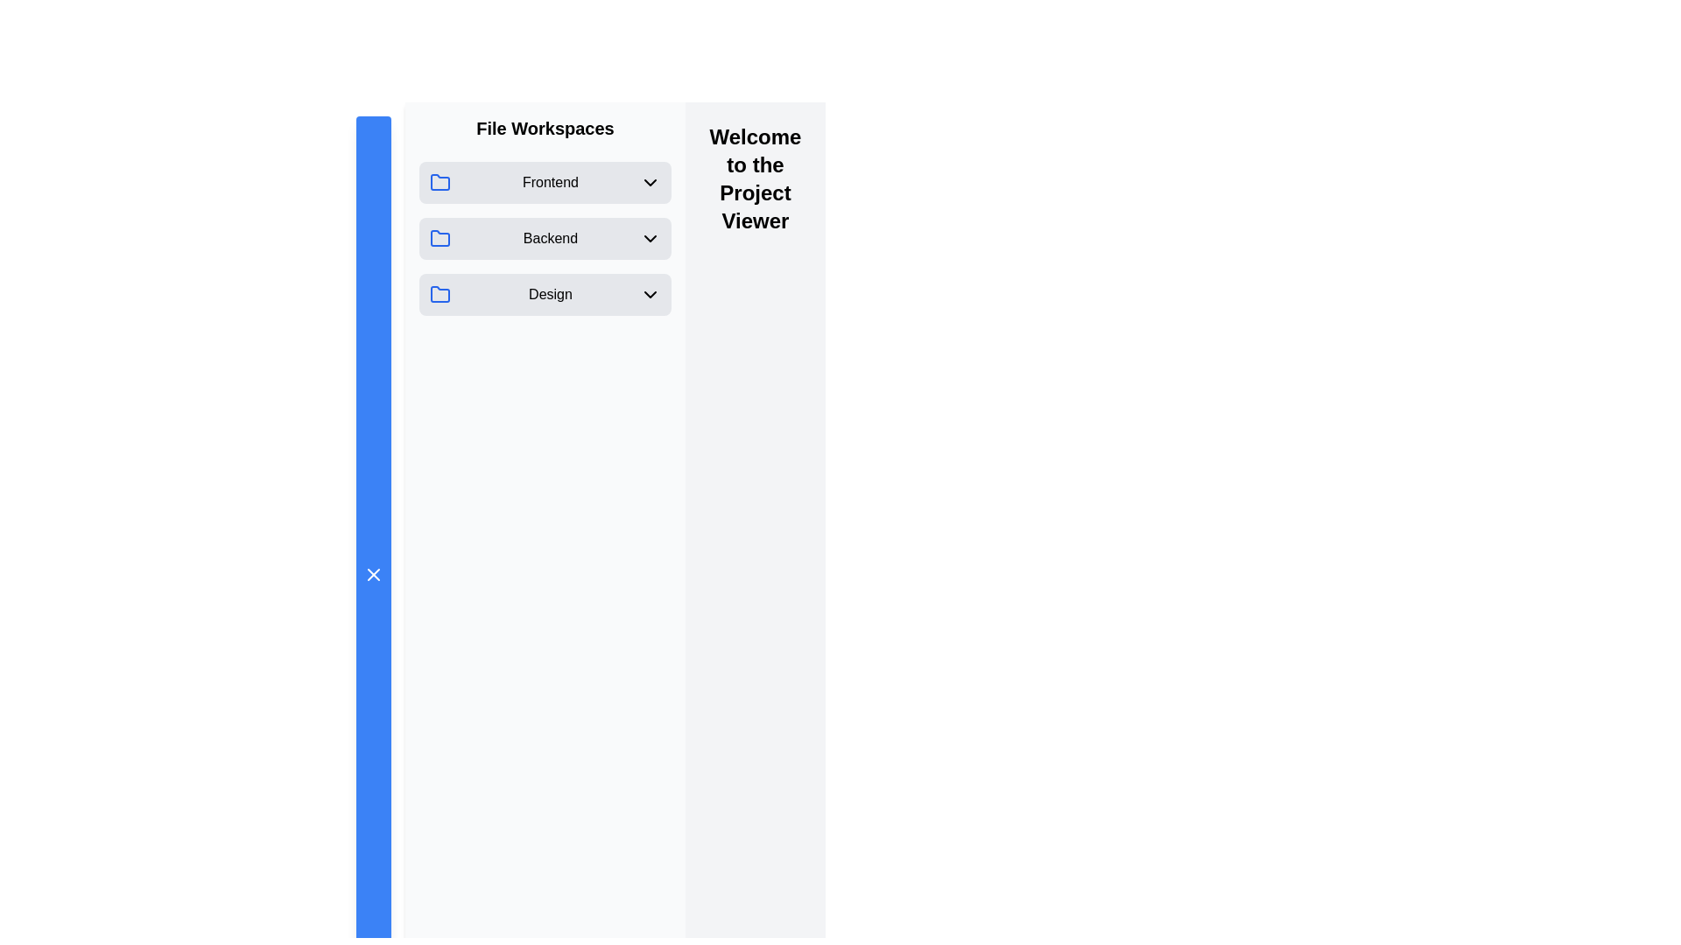 This screenshot has height=945, width=1681. Describe the element at coordinates (373, 574) in the screenshot. I see `the 'X' icon button, which is a minimalistic SVG icon located centrally within the vertical blue sidebar` at that location.